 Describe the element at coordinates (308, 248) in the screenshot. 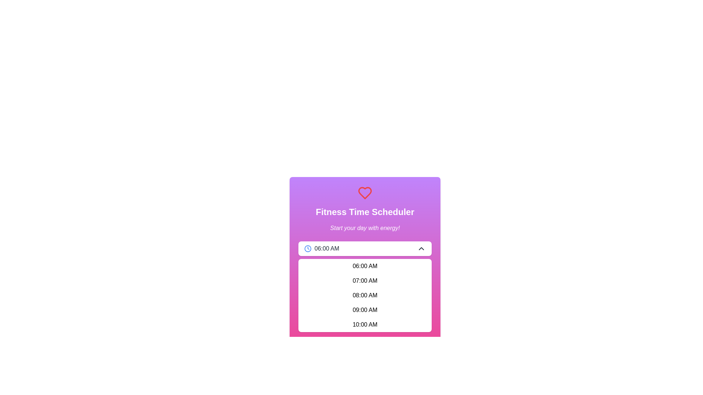

I see `the blue clock icon located to the left of the displayed time text '06:00 AM' in the time selection dropdown` at that location.